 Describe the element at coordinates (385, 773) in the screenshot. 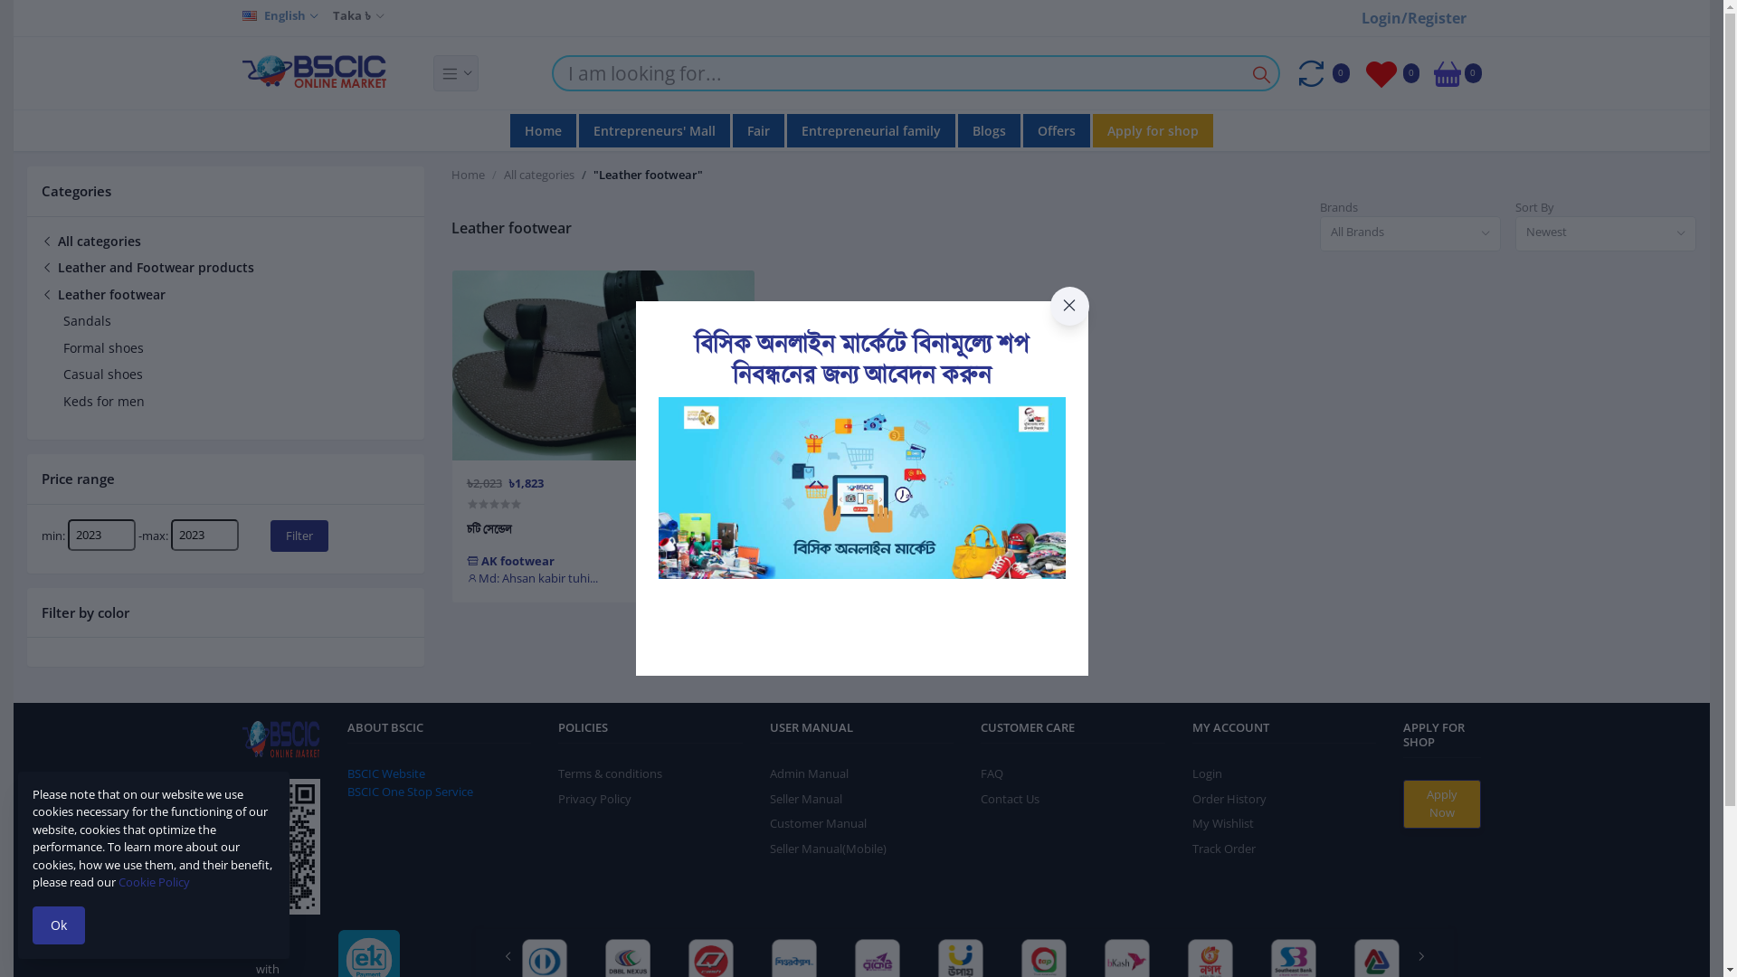

I see `'BSCIC Website'` at that location.